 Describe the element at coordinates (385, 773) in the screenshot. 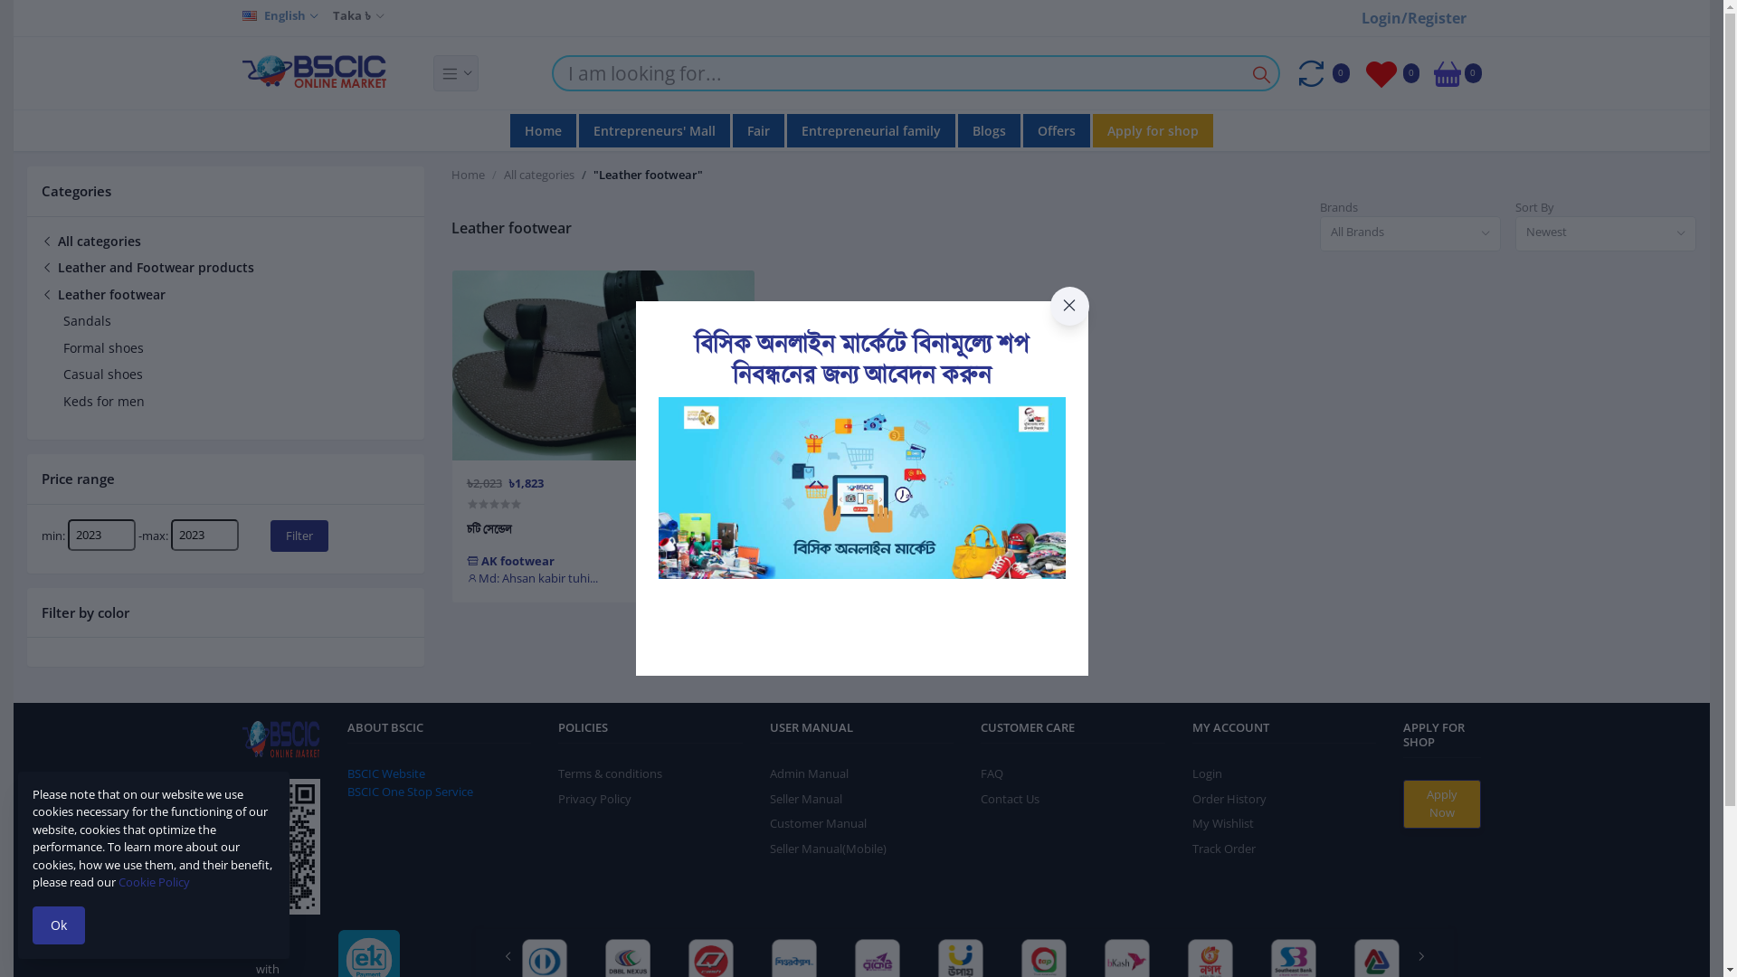

I see `'BSCIC Website'` at that location.